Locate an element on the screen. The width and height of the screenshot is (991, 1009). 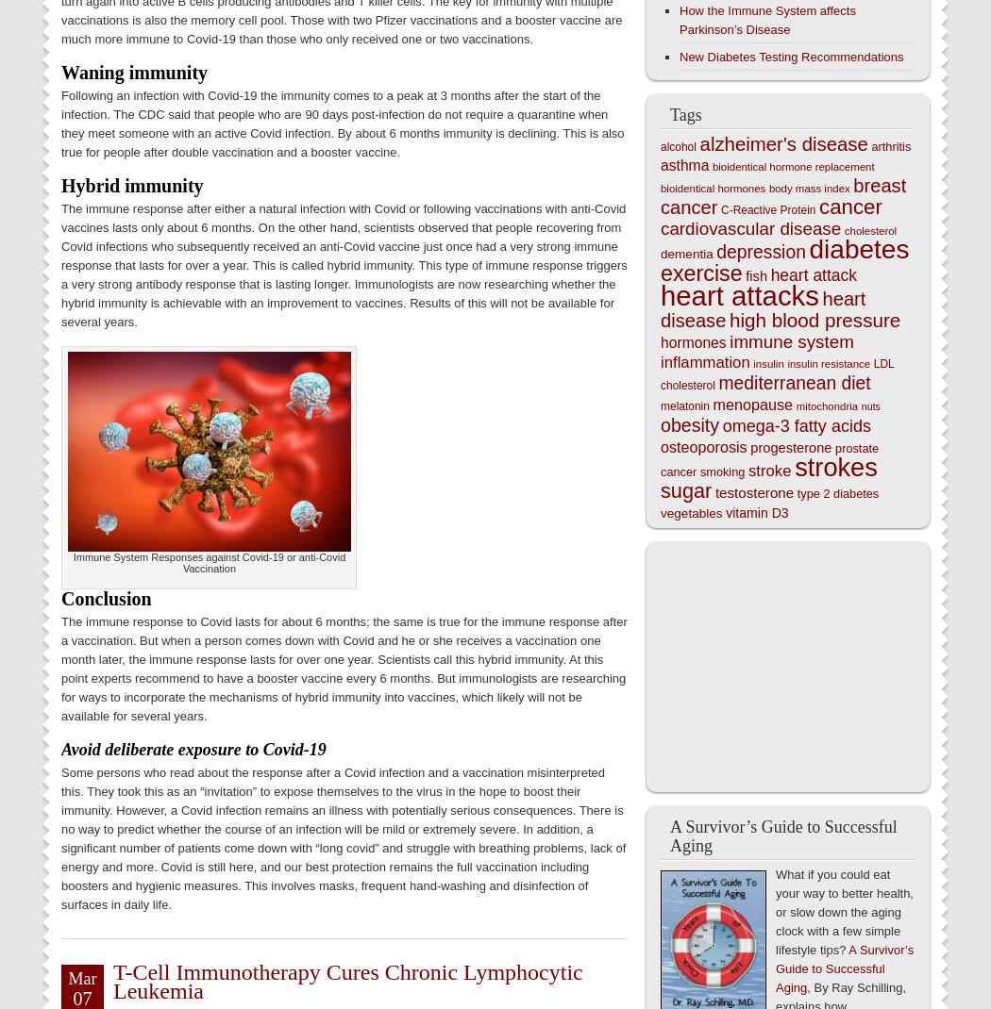
'osteoporosis' is located at coordinates (661, 447).